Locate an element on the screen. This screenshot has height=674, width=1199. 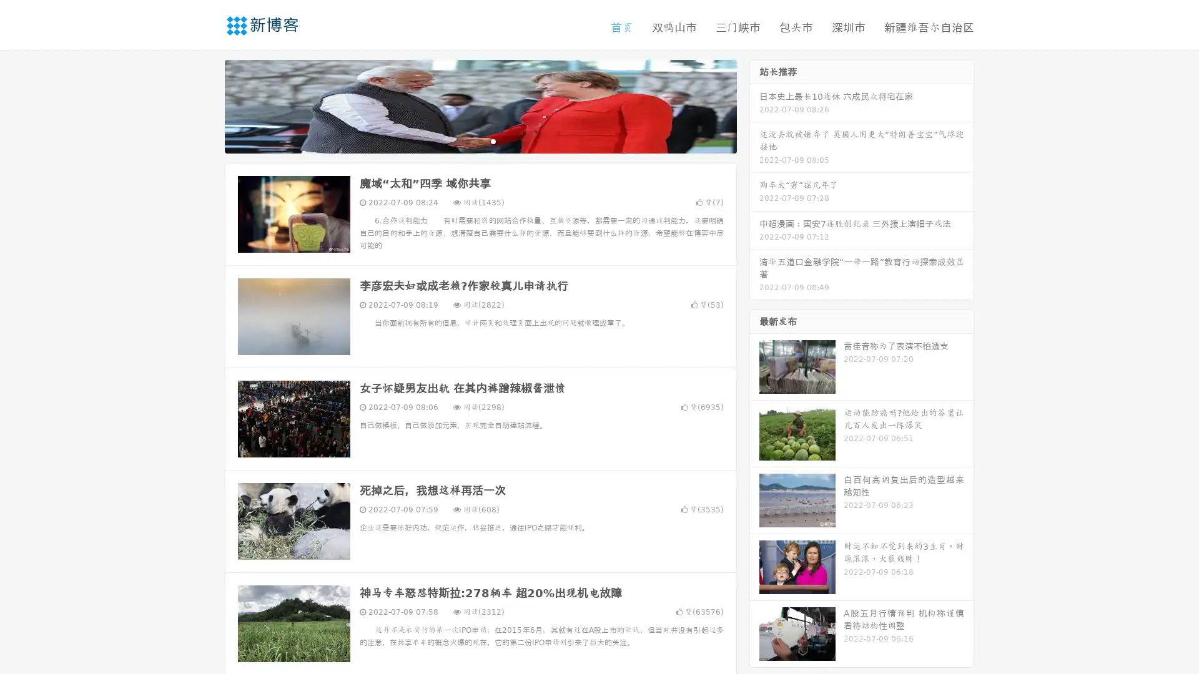
Go to slide 3 is located at coordinates (493, 140).